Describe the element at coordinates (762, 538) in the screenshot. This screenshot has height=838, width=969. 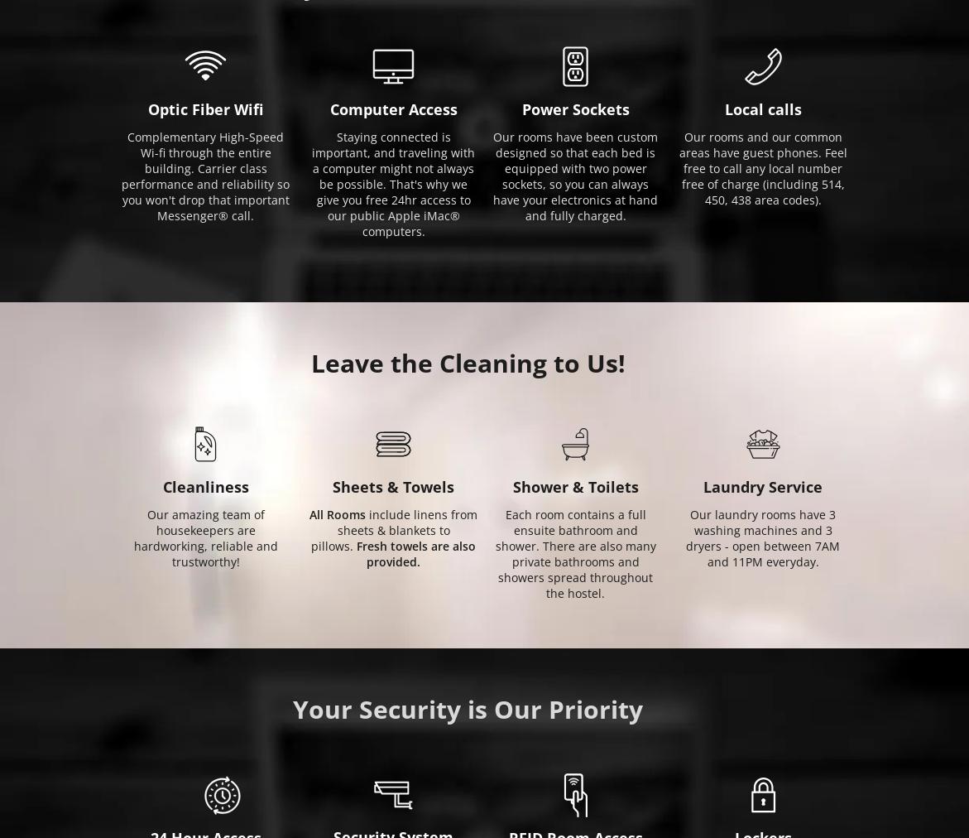
I see `'Our laundry rooms have 3 washing machines and 3 dryers - open between 7AM and 11PM everyday.'` at that location.